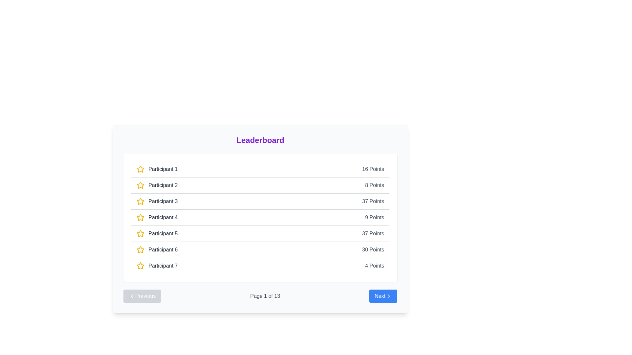 The image size is (632, 355). I want to click on the text label displaying 'Participant 2' under the 'Leaderboard' header, which is aligned with a yellow star icon on its left, so click(163, 185).